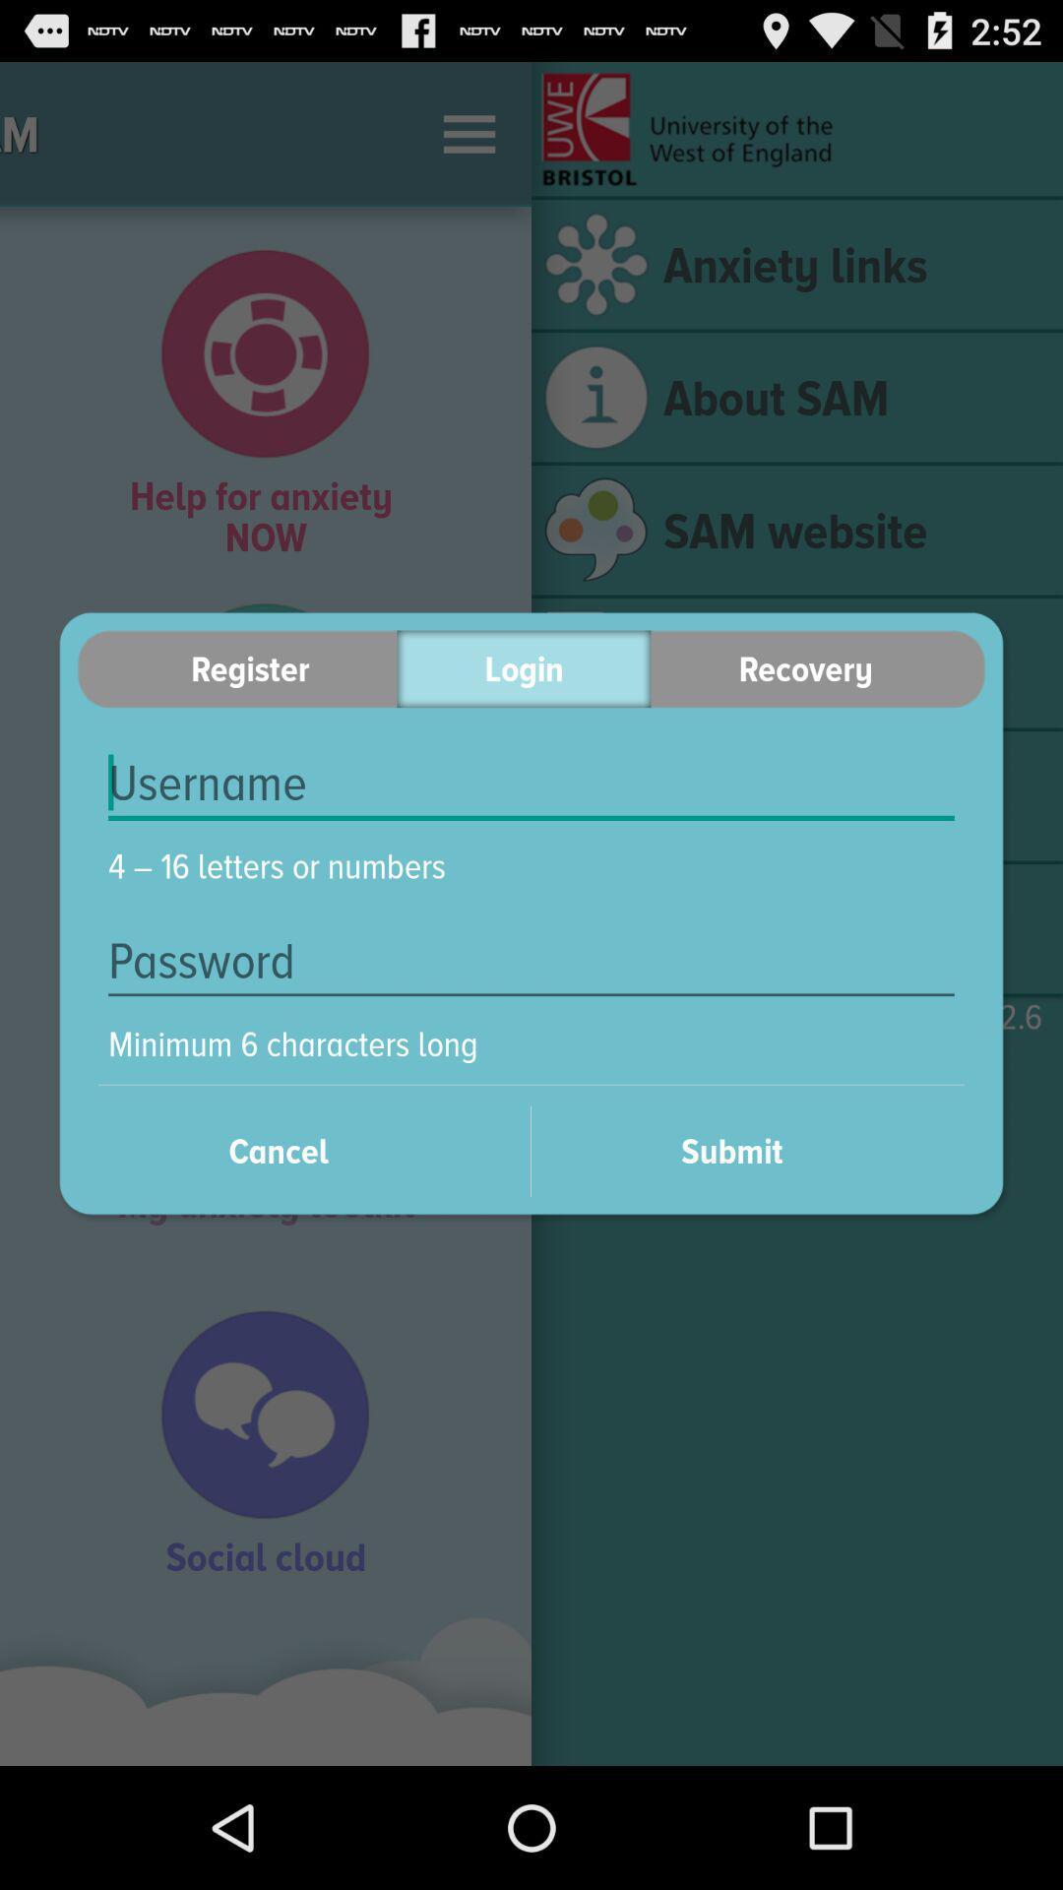  What do you see at coordinates (523, 668) in the screenshot?
I see `login item` at bounding box center [523, 668].